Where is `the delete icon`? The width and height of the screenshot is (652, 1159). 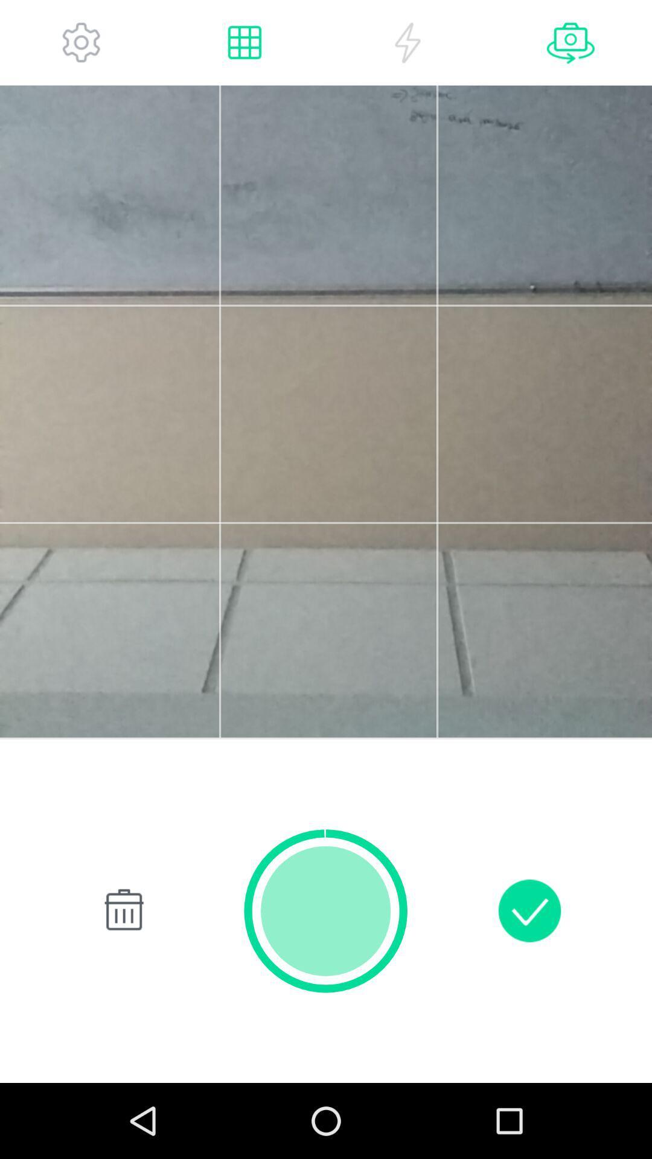
the delete icon is located at coordinates (121, 974).